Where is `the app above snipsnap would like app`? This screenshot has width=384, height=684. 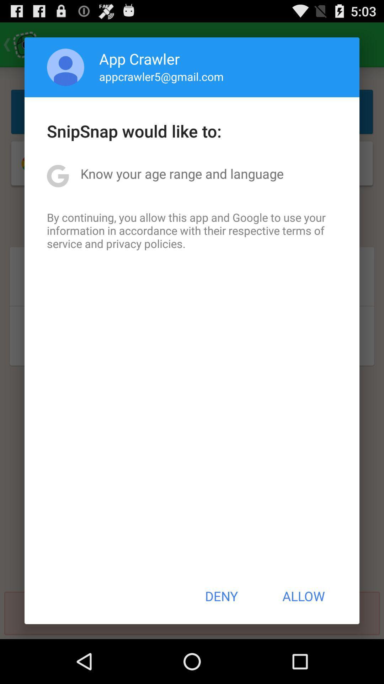
the app above snipsnap would like app is located at coordinates (161, 76).